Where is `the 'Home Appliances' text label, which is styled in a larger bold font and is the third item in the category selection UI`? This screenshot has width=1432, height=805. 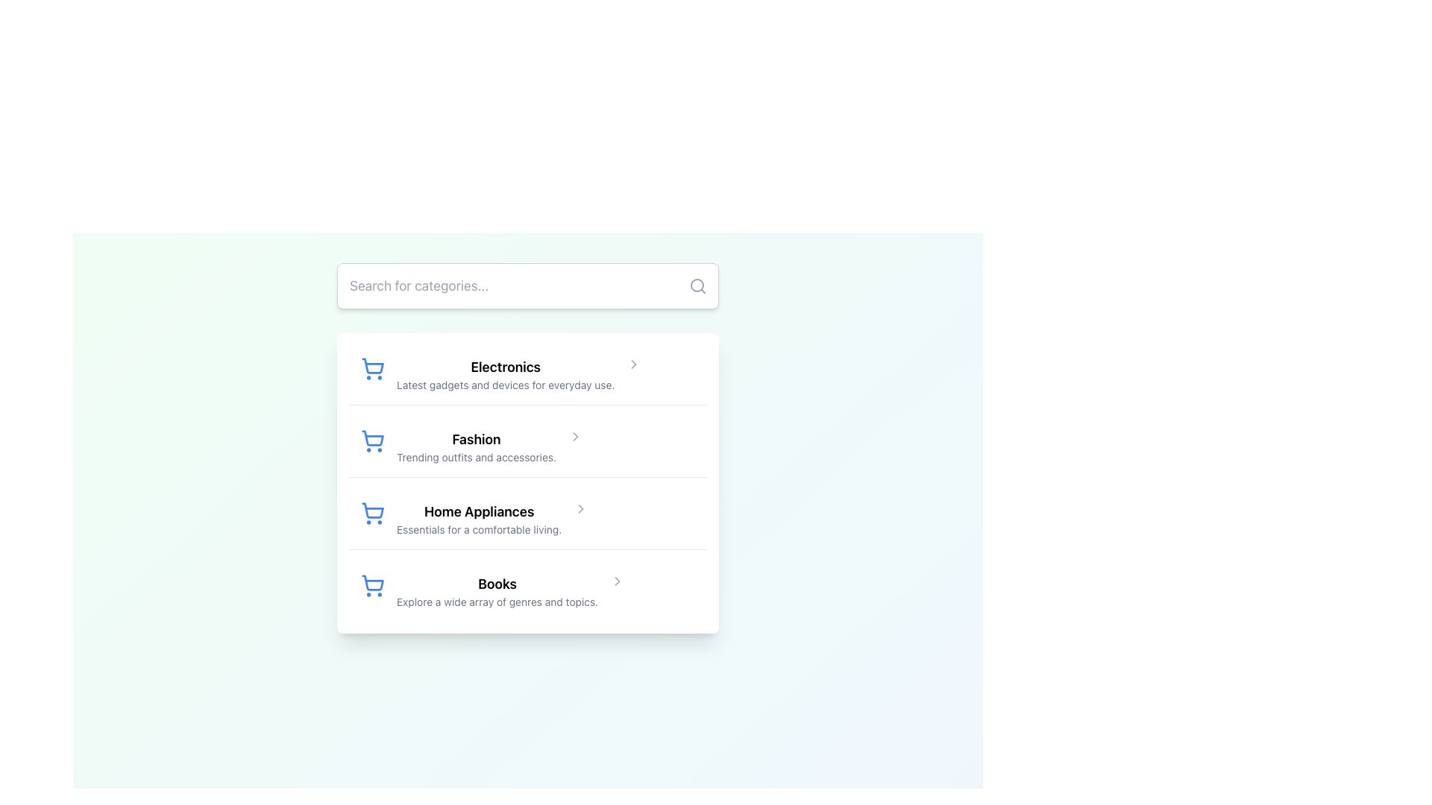 the 'Home Appliances' text label, which is styled in a larger bold font and is the third item in the category selection UI is located at coordinates (479, 511).